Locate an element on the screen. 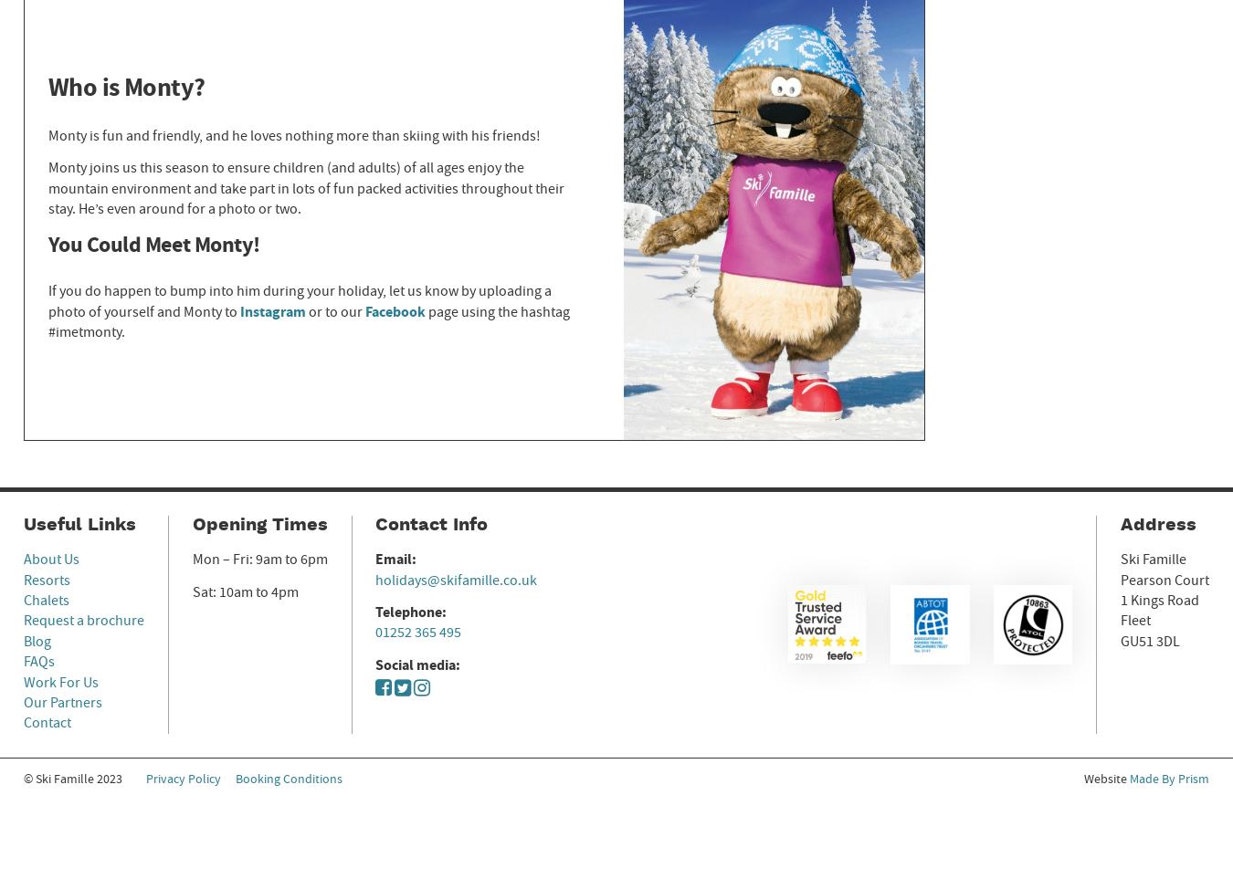 The width and height of the screenshot is (1233, 879). '© Ski Famille 2023' is located at coordinates (70, 777).